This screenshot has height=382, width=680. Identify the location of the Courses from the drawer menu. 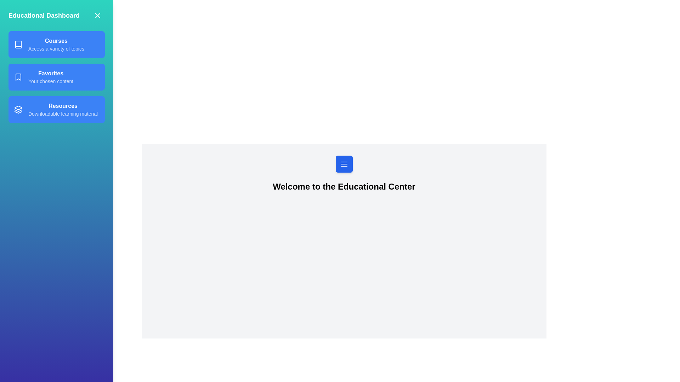
(56, 45).